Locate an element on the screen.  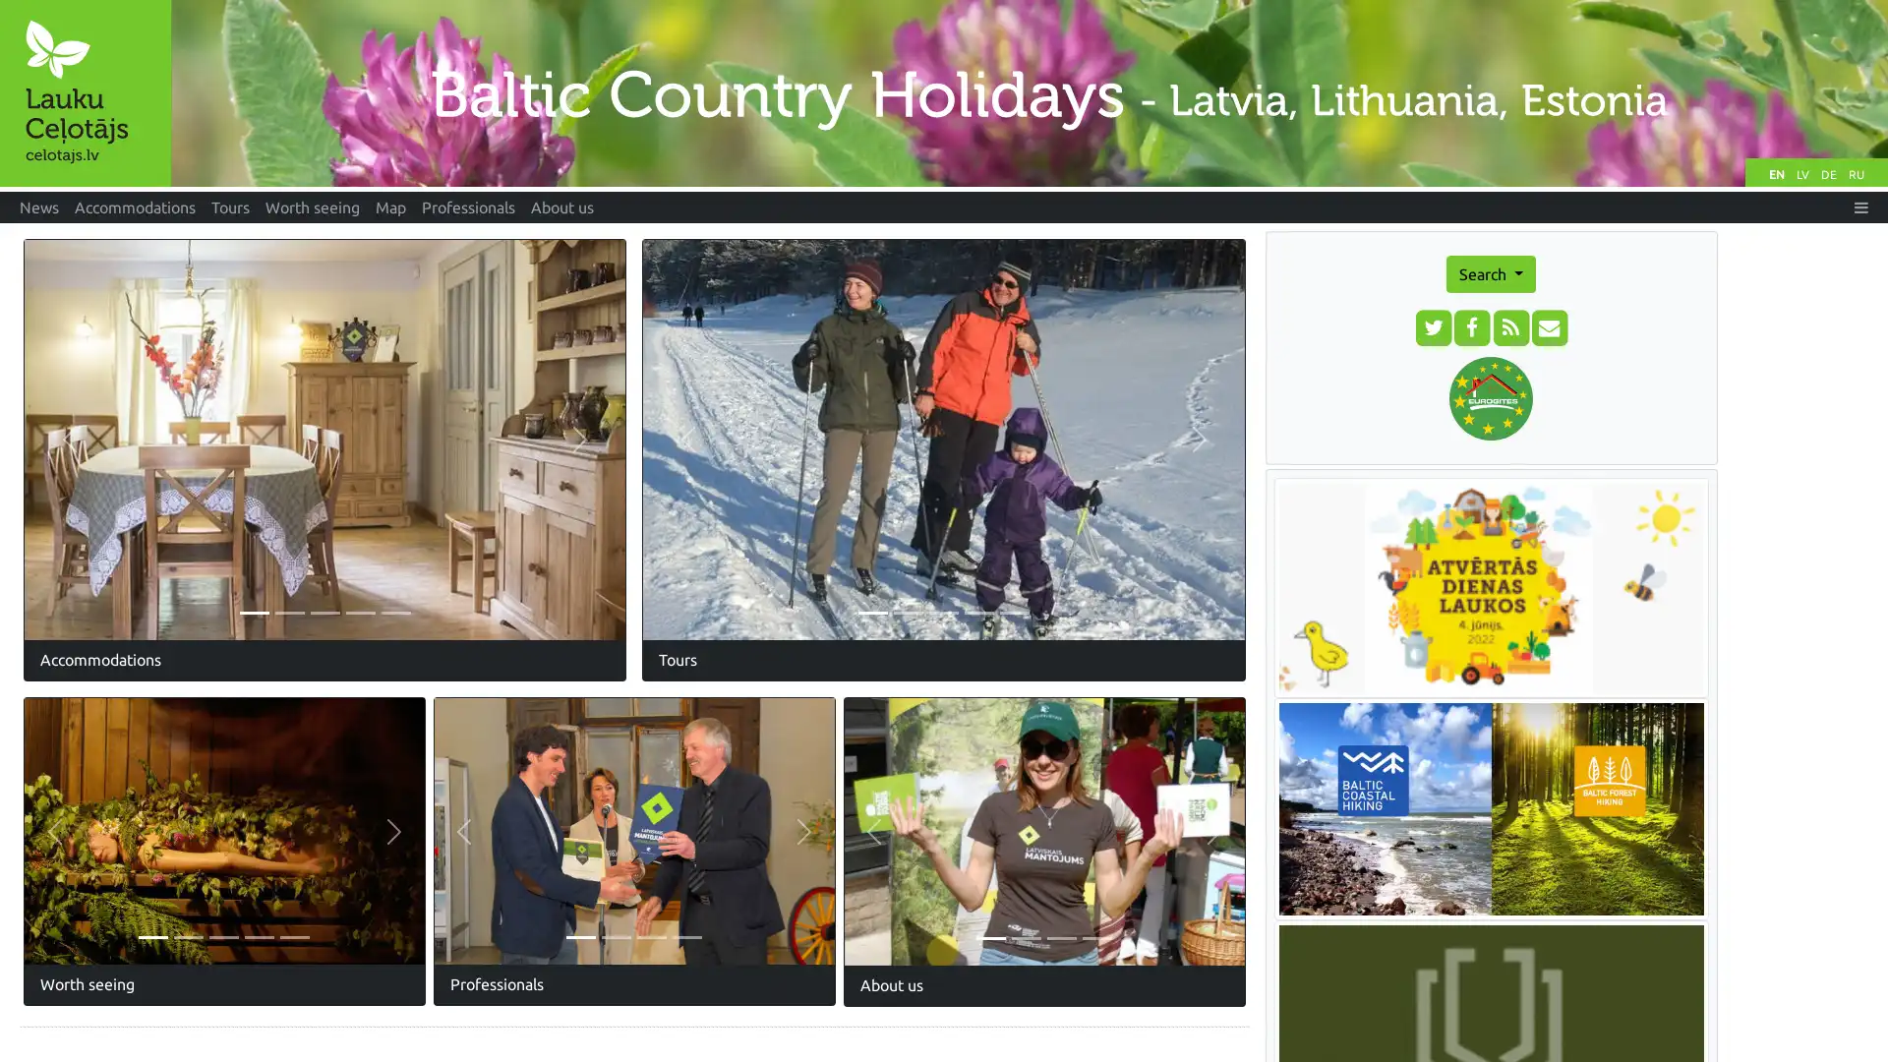
Previous is located at coordinates (688, 439).